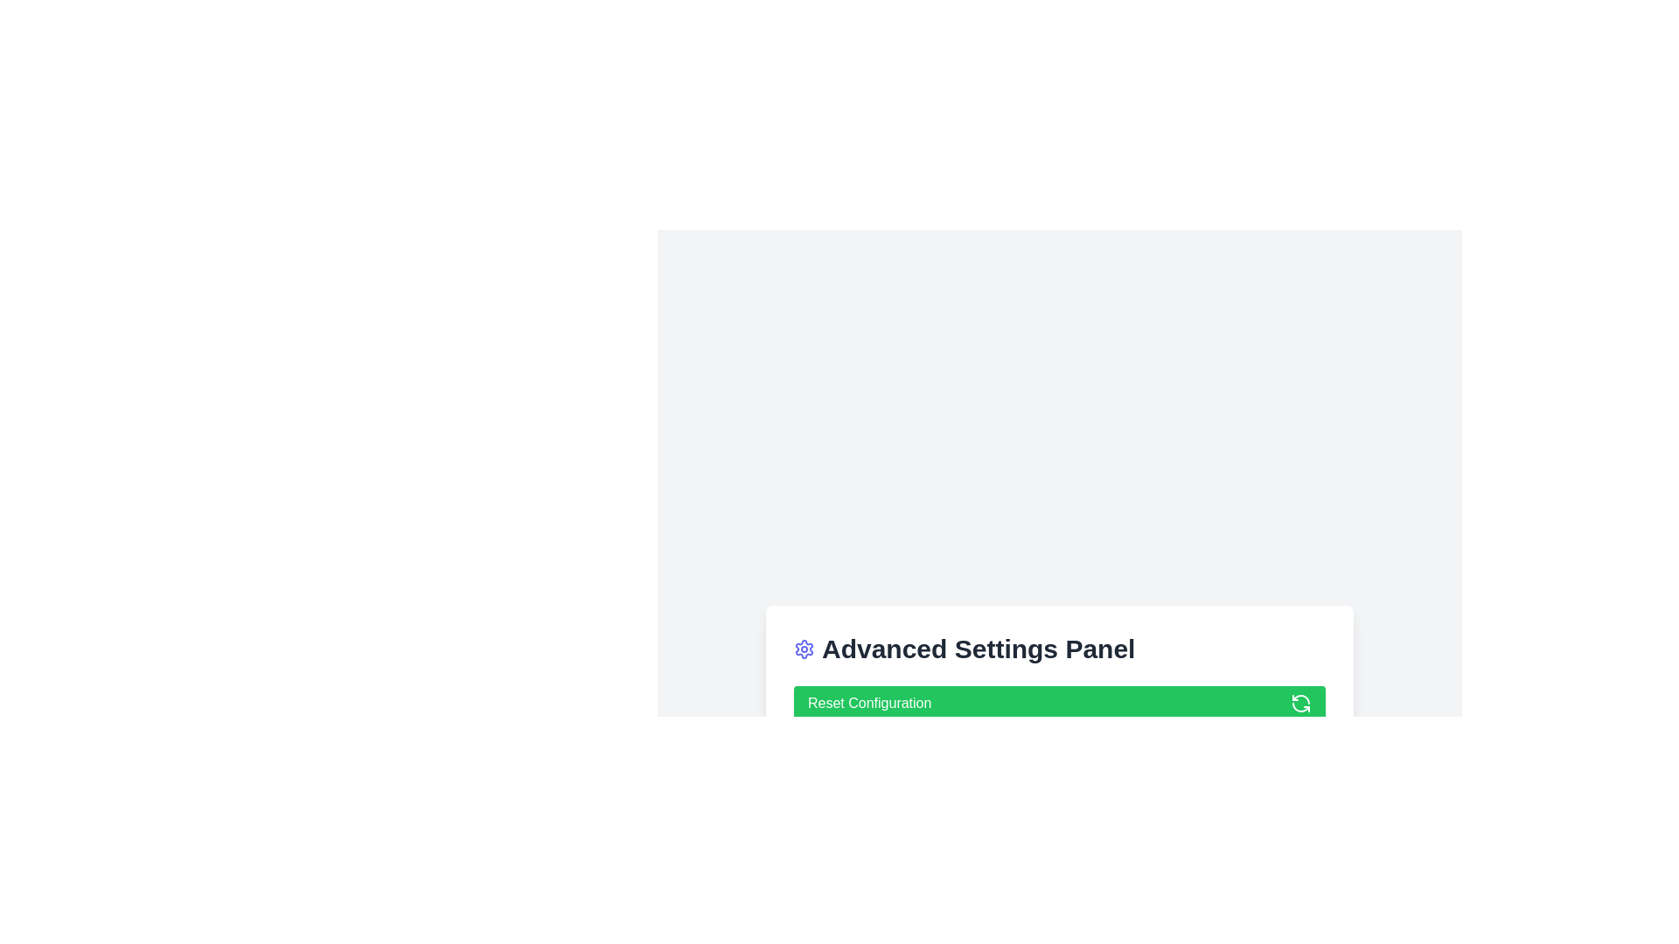 The height and width of the screenshot is (944, 1679). What do you see at coordinates (889, 744) in the screenshot?
I see `information from the Tooltip located directly below the 'Reset Configuration' button, which provides guidance about its functionality` at bounding box center [889, 744].